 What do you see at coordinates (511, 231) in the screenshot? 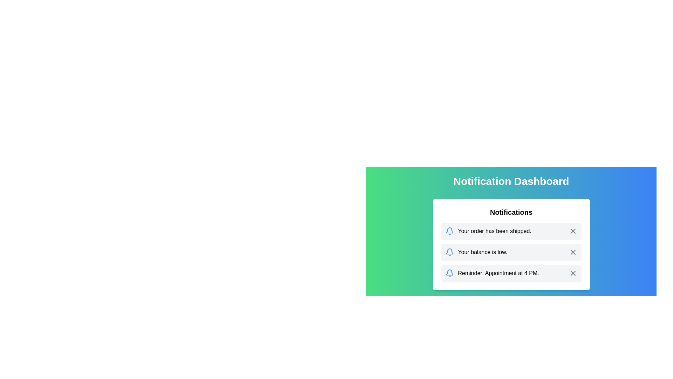
I see `the topmost notification item in the notifications list` at bounding box center [511, 231].